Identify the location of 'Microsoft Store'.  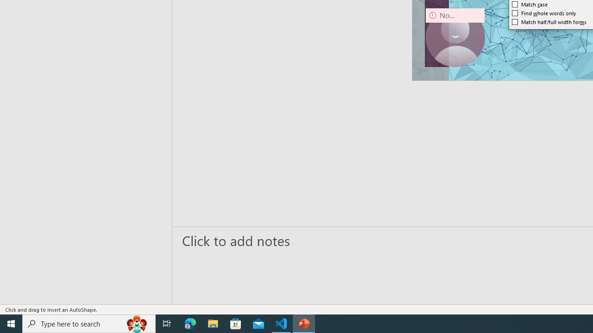
(236, 323).